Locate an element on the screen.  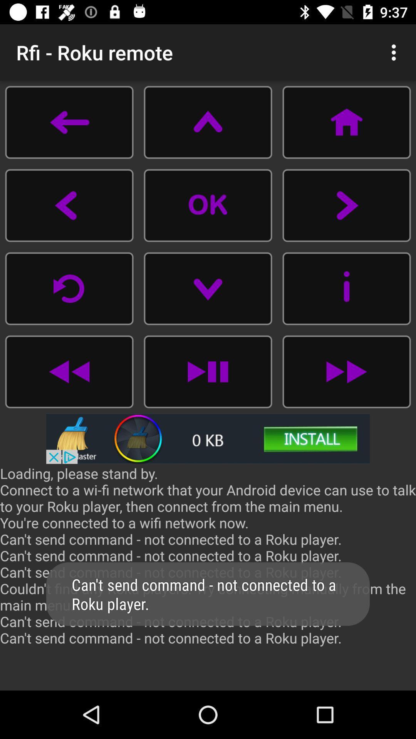
the info icon is located at coordinates (346, 288).